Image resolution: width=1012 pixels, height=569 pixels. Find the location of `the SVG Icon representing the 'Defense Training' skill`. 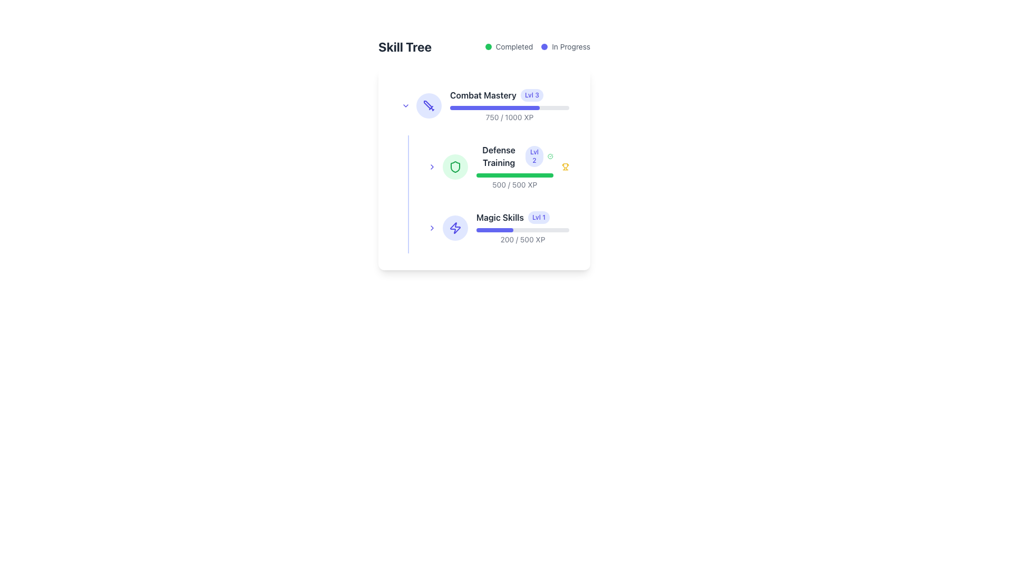

the SVG Icon representing the 'Defense Training' skill is located at coordinates (455, 166).